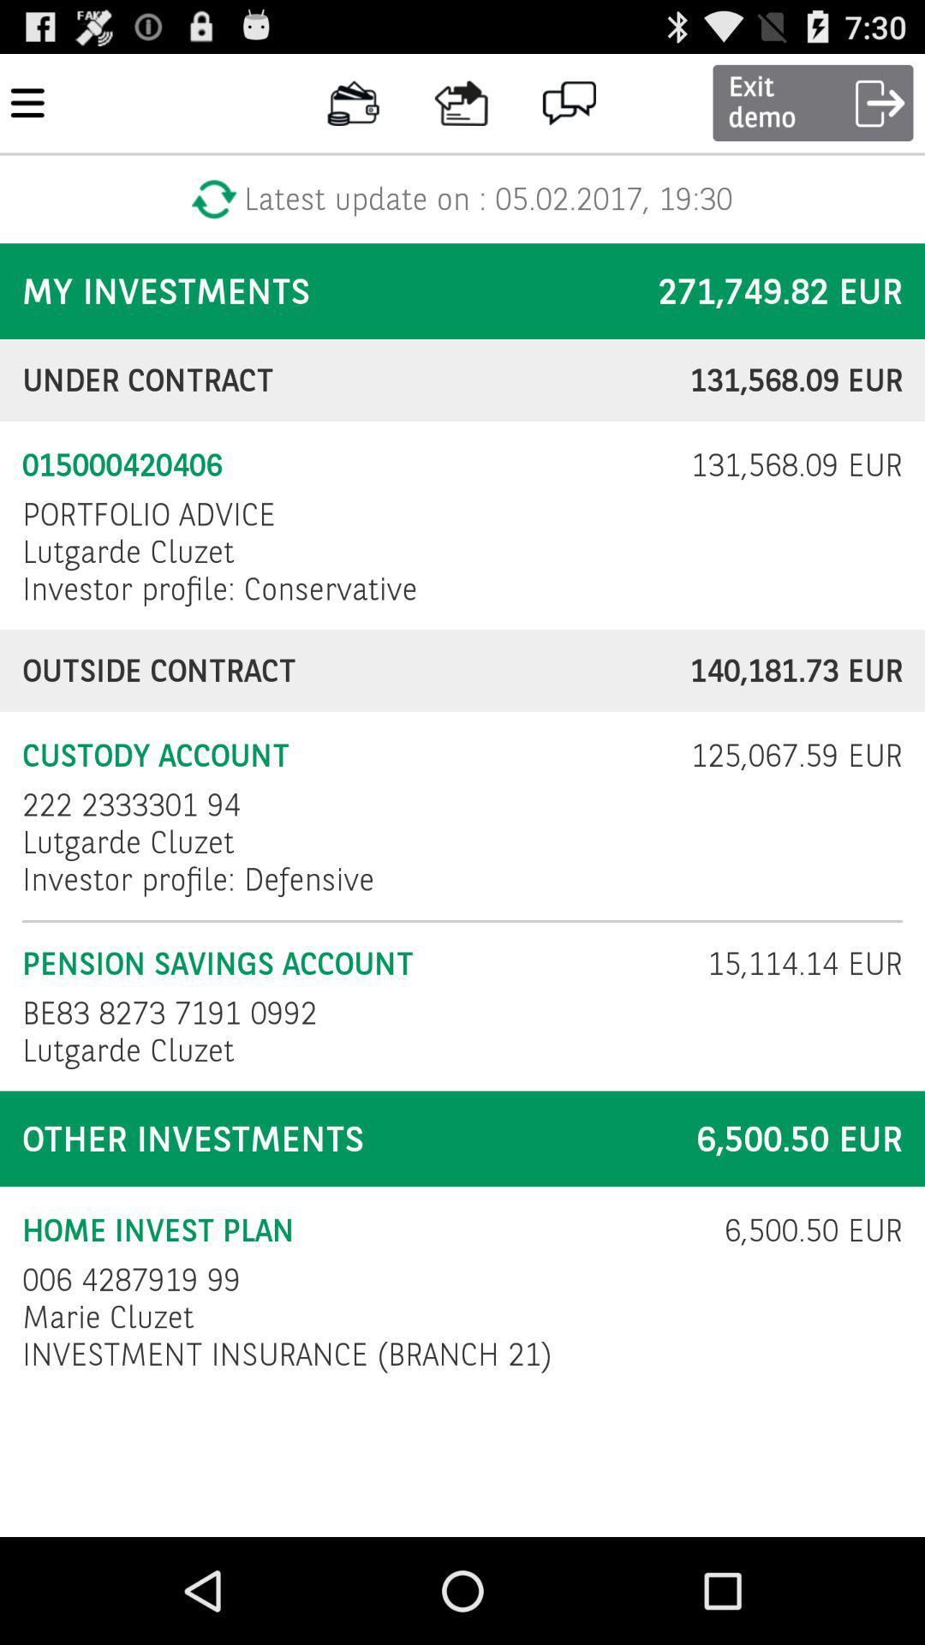  What do you see at coordinates (345, 465) in the screenshot?
I see `015000420406 icon` at bounding box center [345, 465].